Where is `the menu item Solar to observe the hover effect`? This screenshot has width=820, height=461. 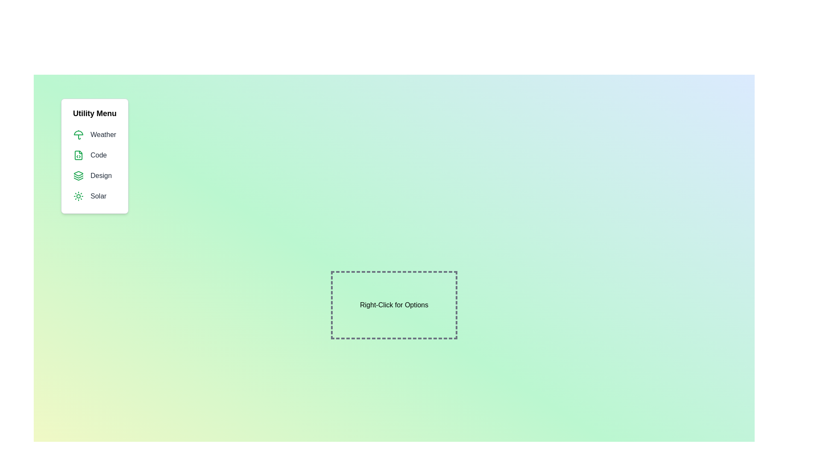 the menu item Solar to observe the hover effect is located at coordinates (94, 196).